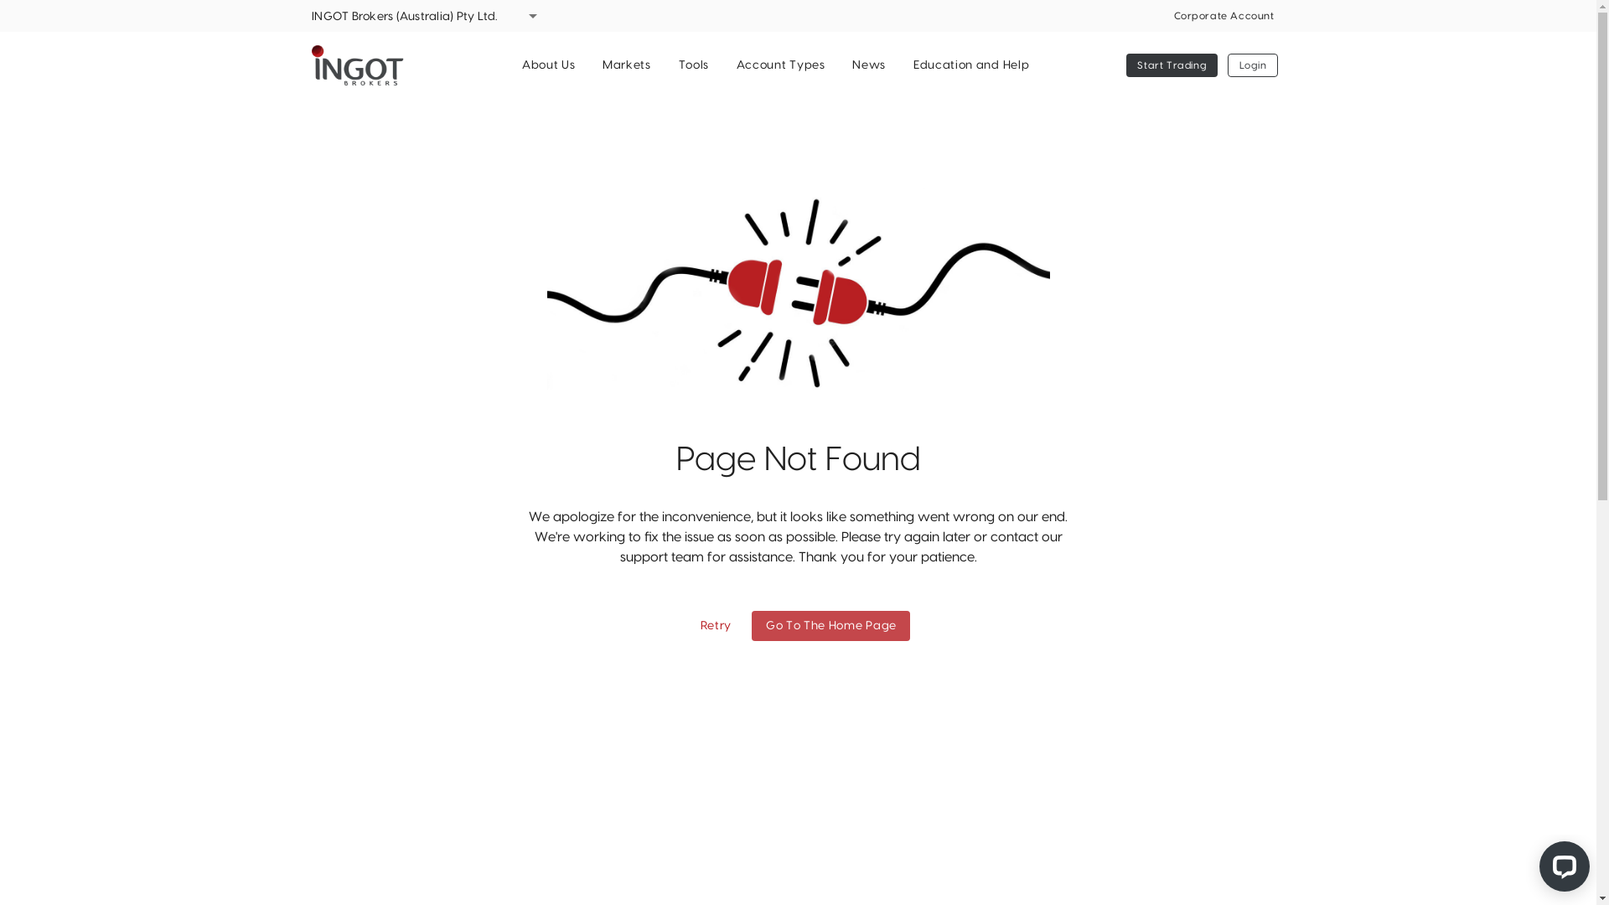 This screenshot has height=905, width=1609. What do you see at coordinates (1252, 64) in the screenshot?
I see `'Login'` at bounding box center [1252, 64].